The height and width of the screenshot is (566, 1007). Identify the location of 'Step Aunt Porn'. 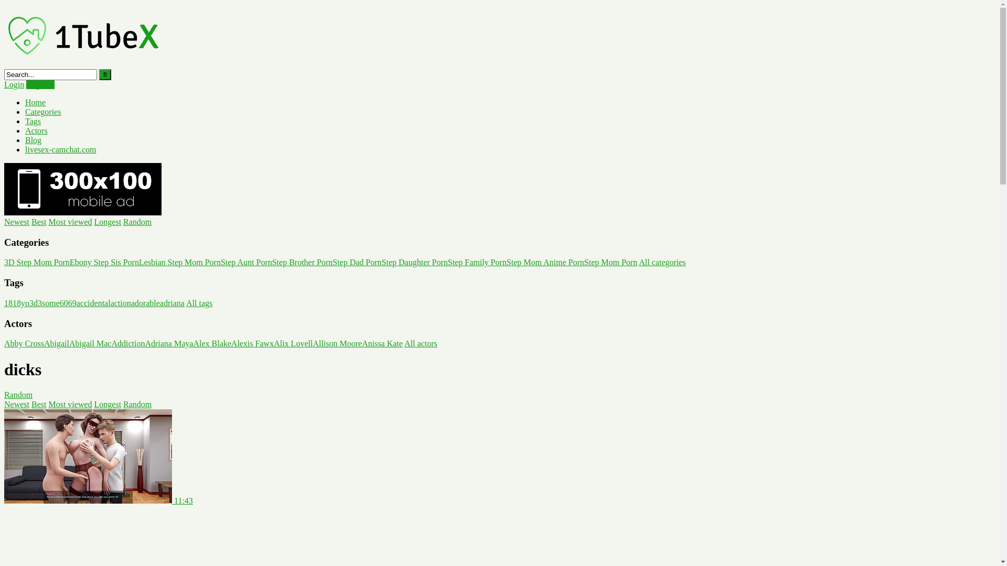
(246, 262).